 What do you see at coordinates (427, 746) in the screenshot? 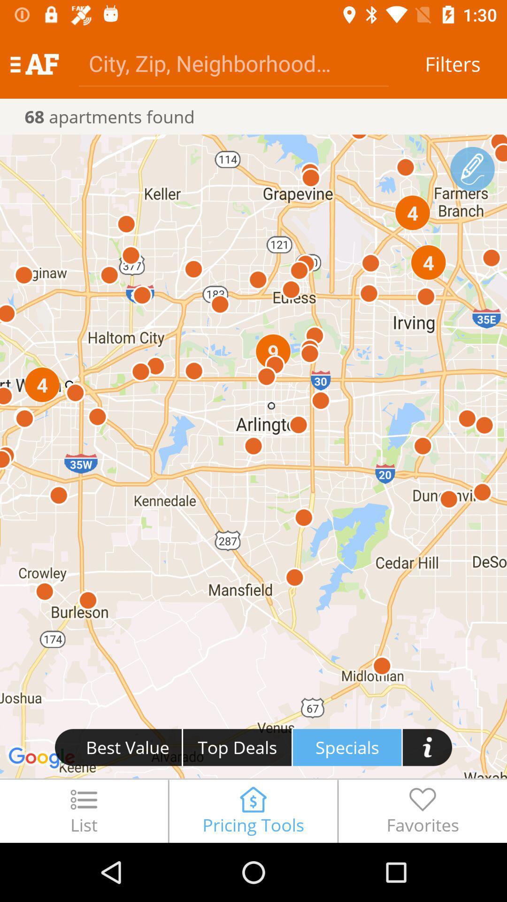
I see `button i` at bounding box center [427, 746].